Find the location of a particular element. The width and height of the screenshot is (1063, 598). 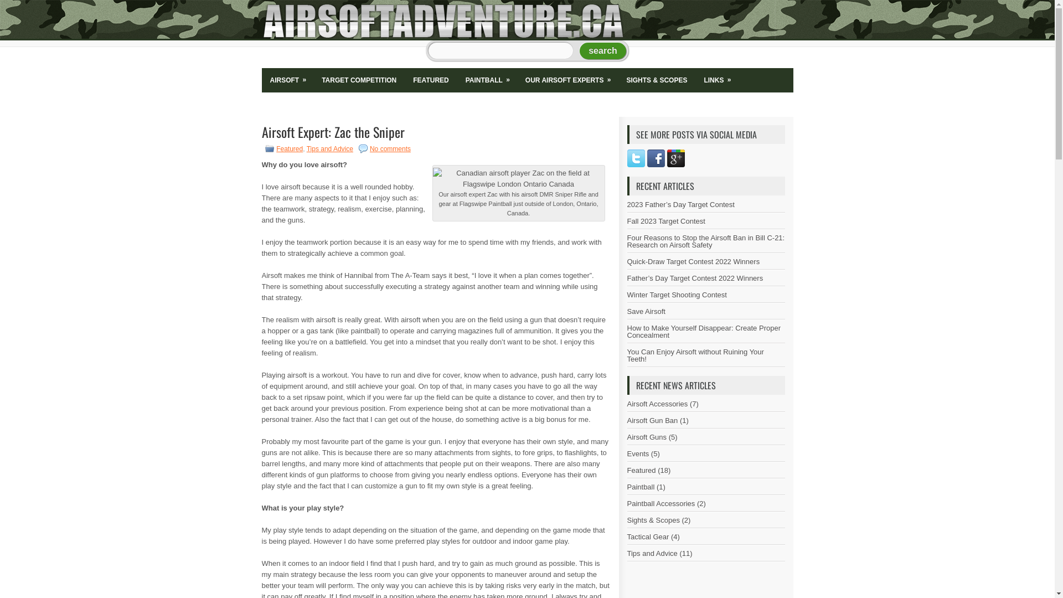

'Twitter' is located at coordinates (635, 158).